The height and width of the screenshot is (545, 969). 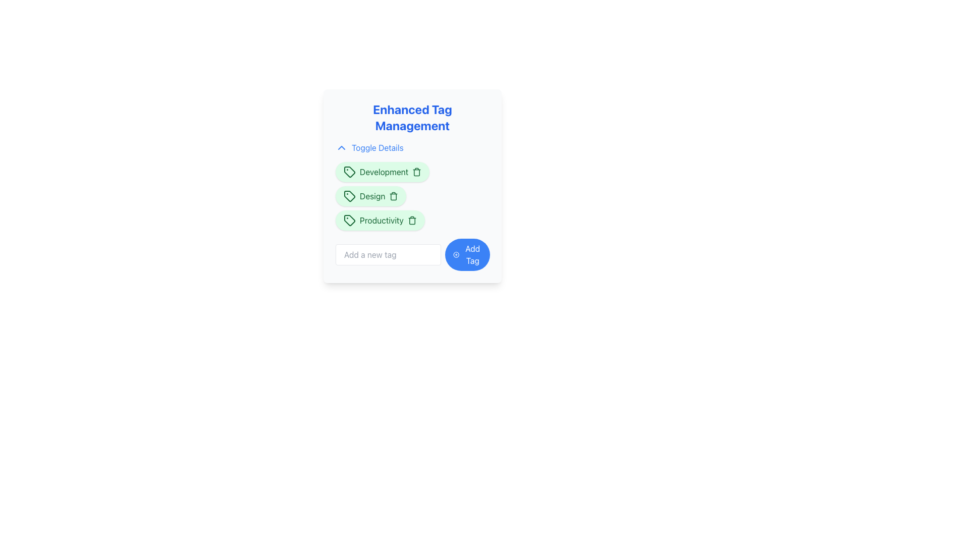 What do you see at coordinates (467, 254) in the screenshot?
I see `the button located in the lower-right part of the 'Enhanced Tag Management' panel` at bounding box center [467, 254].